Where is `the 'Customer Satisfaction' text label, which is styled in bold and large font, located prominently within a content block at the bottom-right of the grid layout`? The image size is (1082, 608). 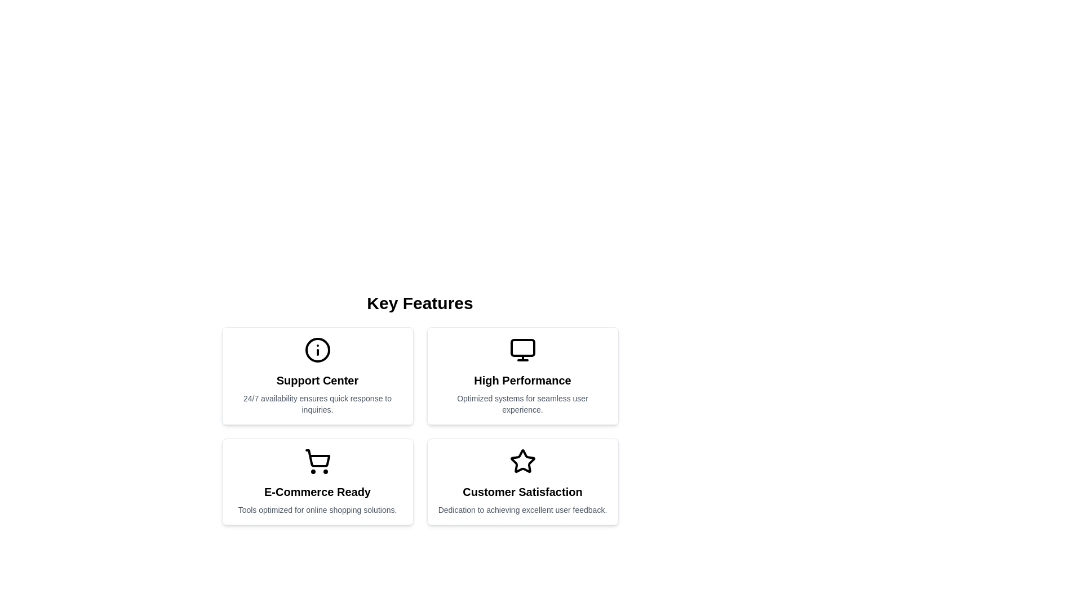 the 'Customer Satisfaction' text label, which is styled in bold and large font, located prominently within a content block at the bottom-right of the grid layout is located at coordinates (522, 491).